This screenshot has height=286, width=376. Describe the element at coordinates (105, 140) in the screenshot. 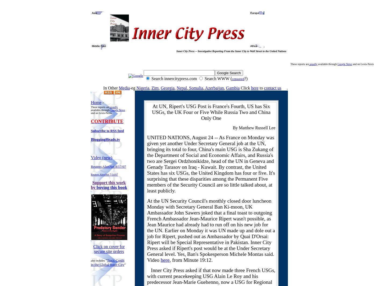

I see `'BloggingHeads.tv'` at that location.